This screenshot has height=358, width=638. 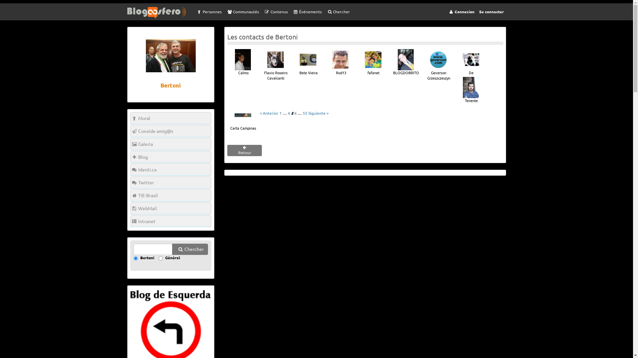 I want to click on 'Calmo', so click(x=242, y=62).